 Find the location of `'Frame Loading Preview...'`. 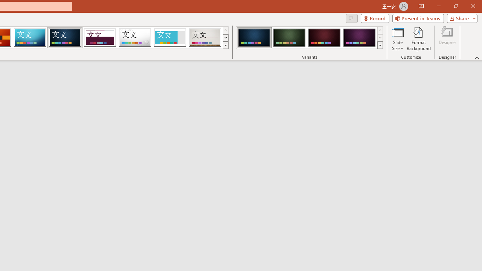

'Frame Loading Preview...' is located at coordinates (169, 38).